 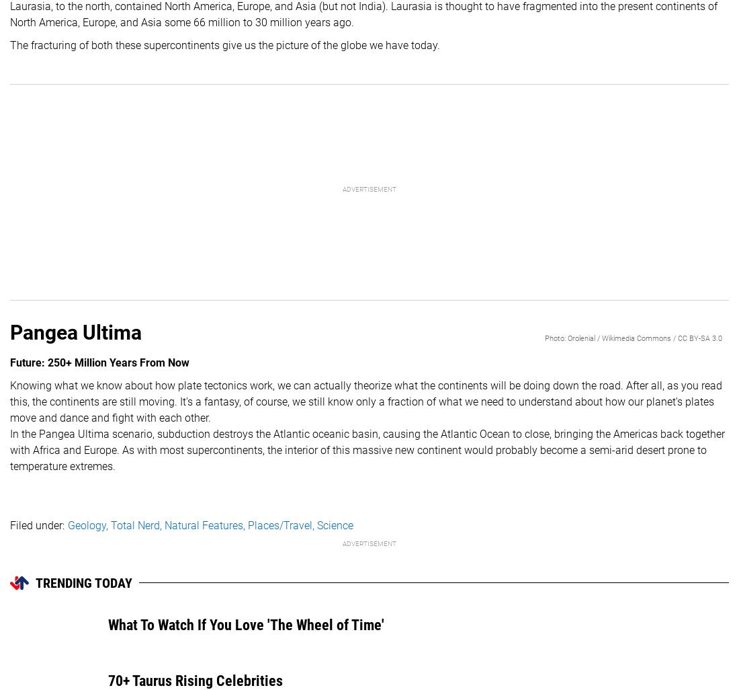 I want to click on 'Places/Travel', so click(x=279, y=524).